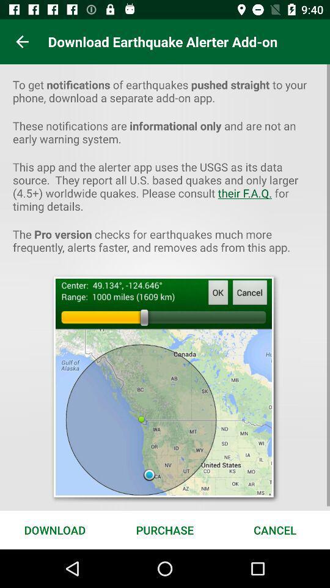 The width and height of the screenshot is (330, 588). What do you see at coordinates (274, 529) in the screenshot?
I see `item next to the purchase icon` at bounding box center [274, 529].